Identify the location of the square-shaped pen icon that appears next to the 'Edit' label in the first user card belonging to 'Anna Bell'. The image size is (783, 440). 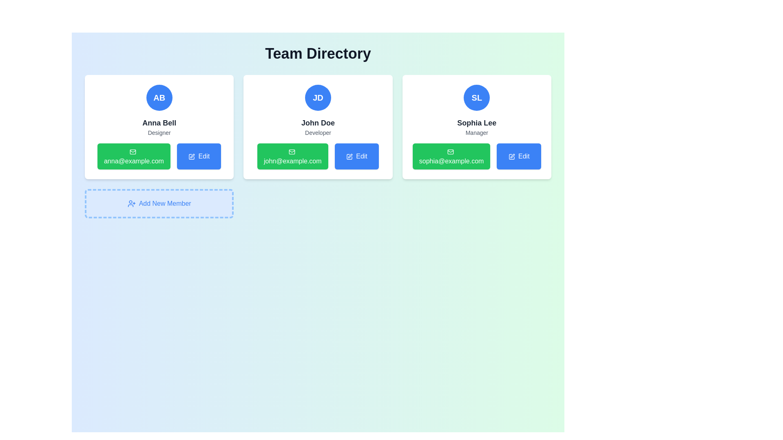
(191, 156).